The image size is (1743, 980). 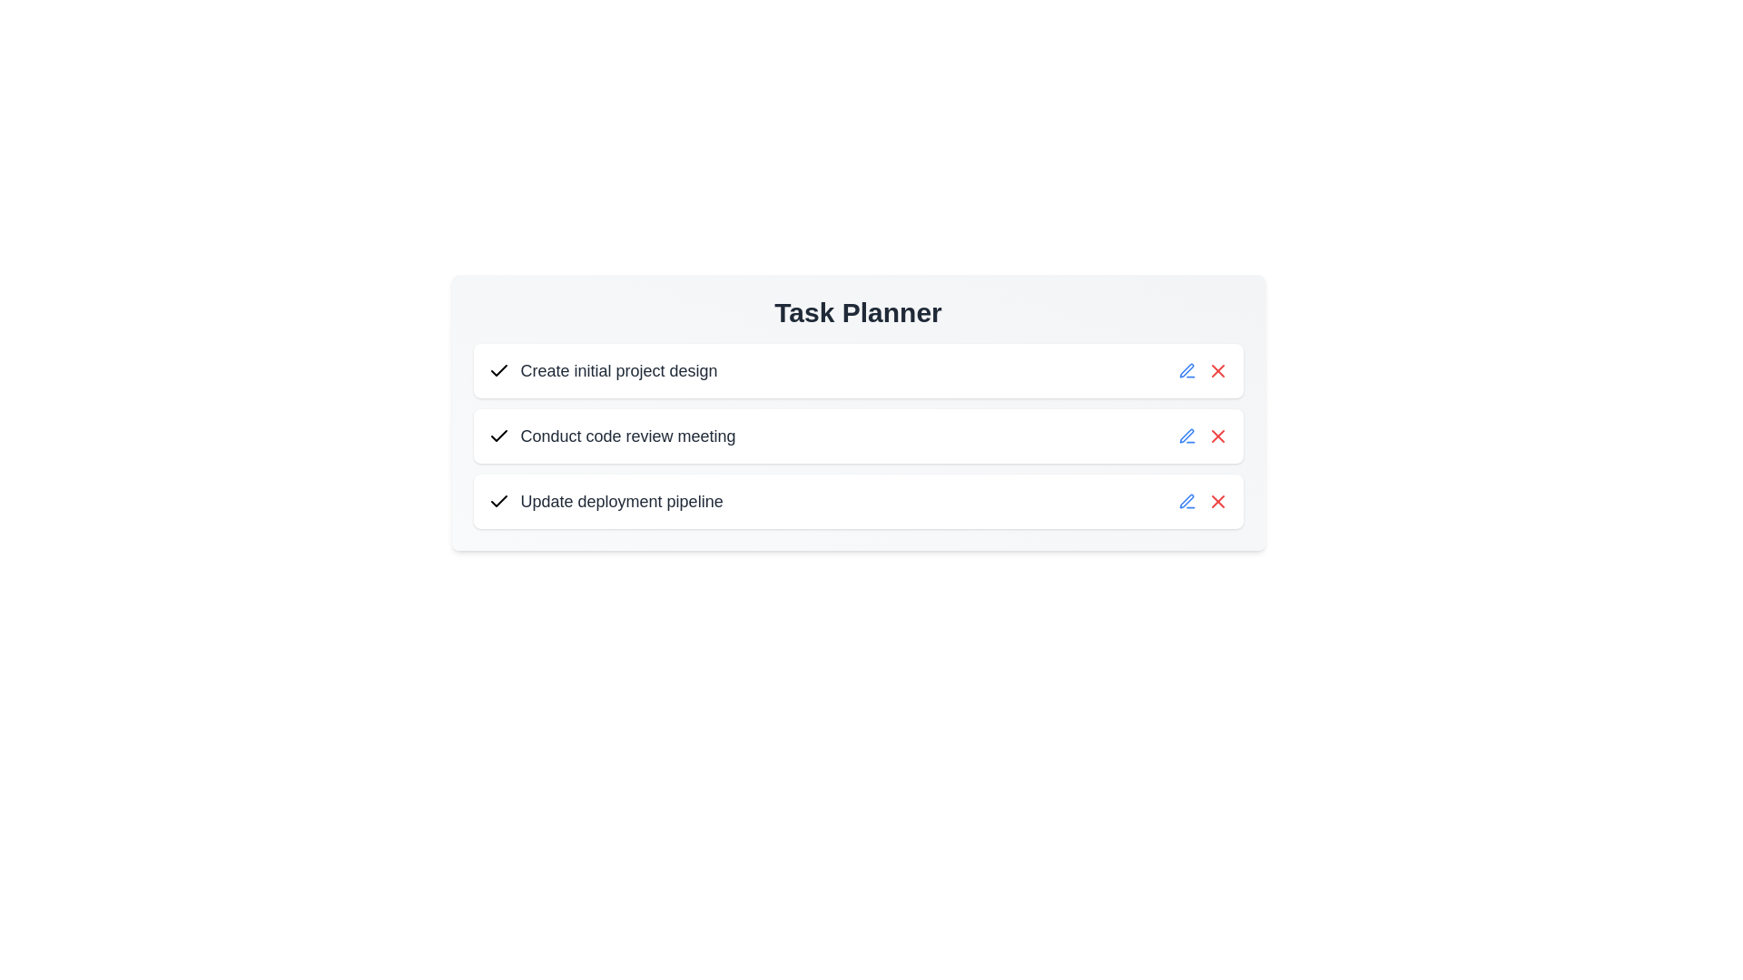 I want to click on the red 'X' icon button styled as an SVG image, so click(x=1217, y=369).